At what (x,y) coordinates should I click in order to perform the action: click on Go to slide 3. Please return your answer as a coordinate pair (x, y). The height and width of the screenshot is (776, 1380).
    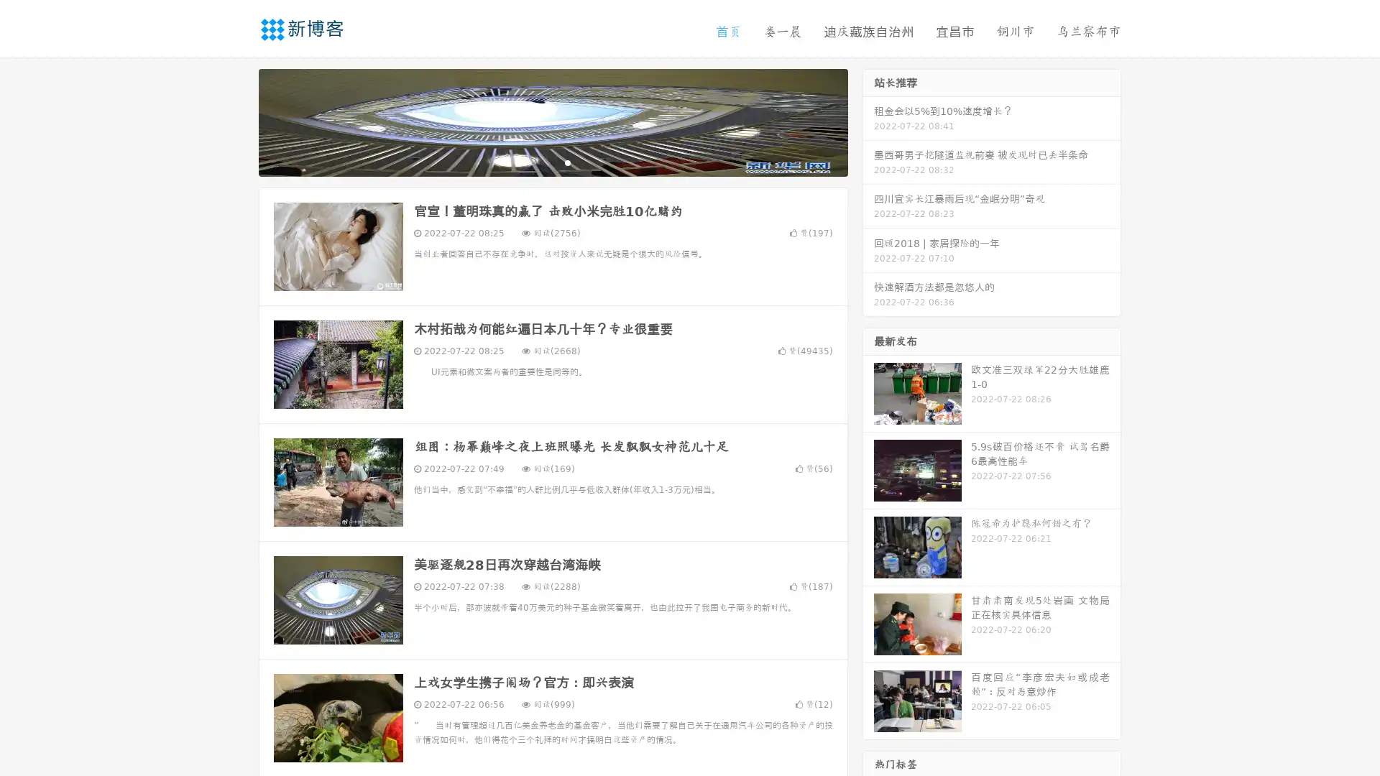
    Looking at the image, I should click on (567, 162).